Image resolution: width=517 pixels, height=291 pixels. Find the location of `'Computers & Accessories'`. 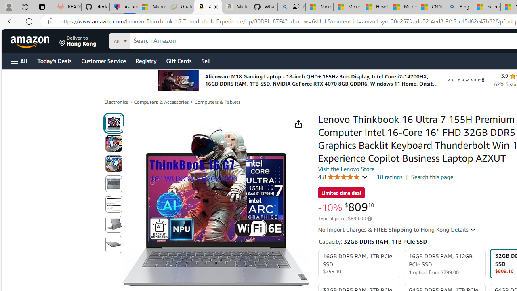

'Computers & Accessories' is located at coordinates (162, 101).